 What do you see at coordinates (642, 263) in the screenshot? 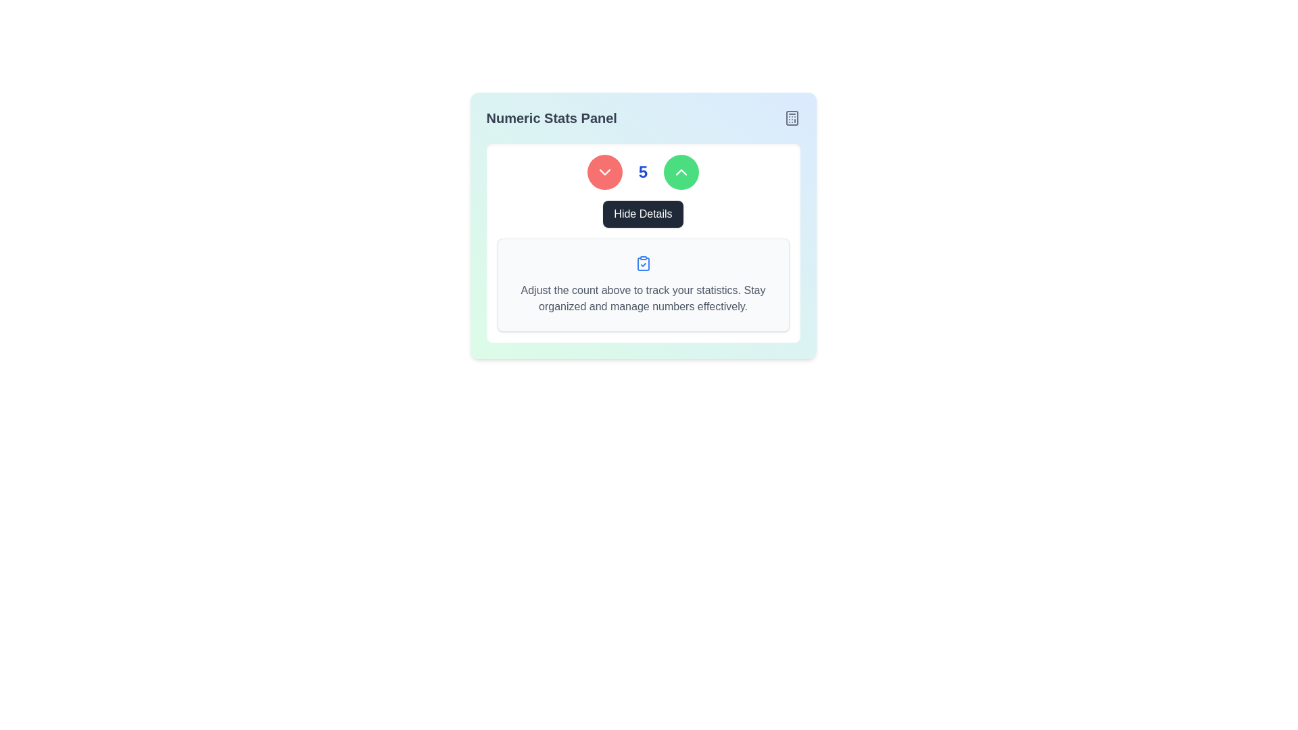
I see `the blue clipboard icon with a checkmark symbol, which is located above the instructional text area within a white background` at bounding box center [642, 263].